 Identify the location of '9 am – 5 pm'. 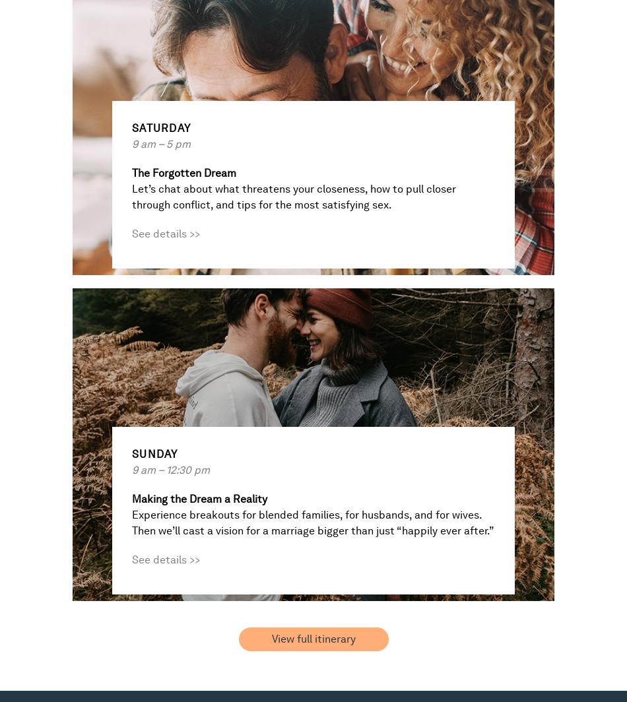
(160, 144).